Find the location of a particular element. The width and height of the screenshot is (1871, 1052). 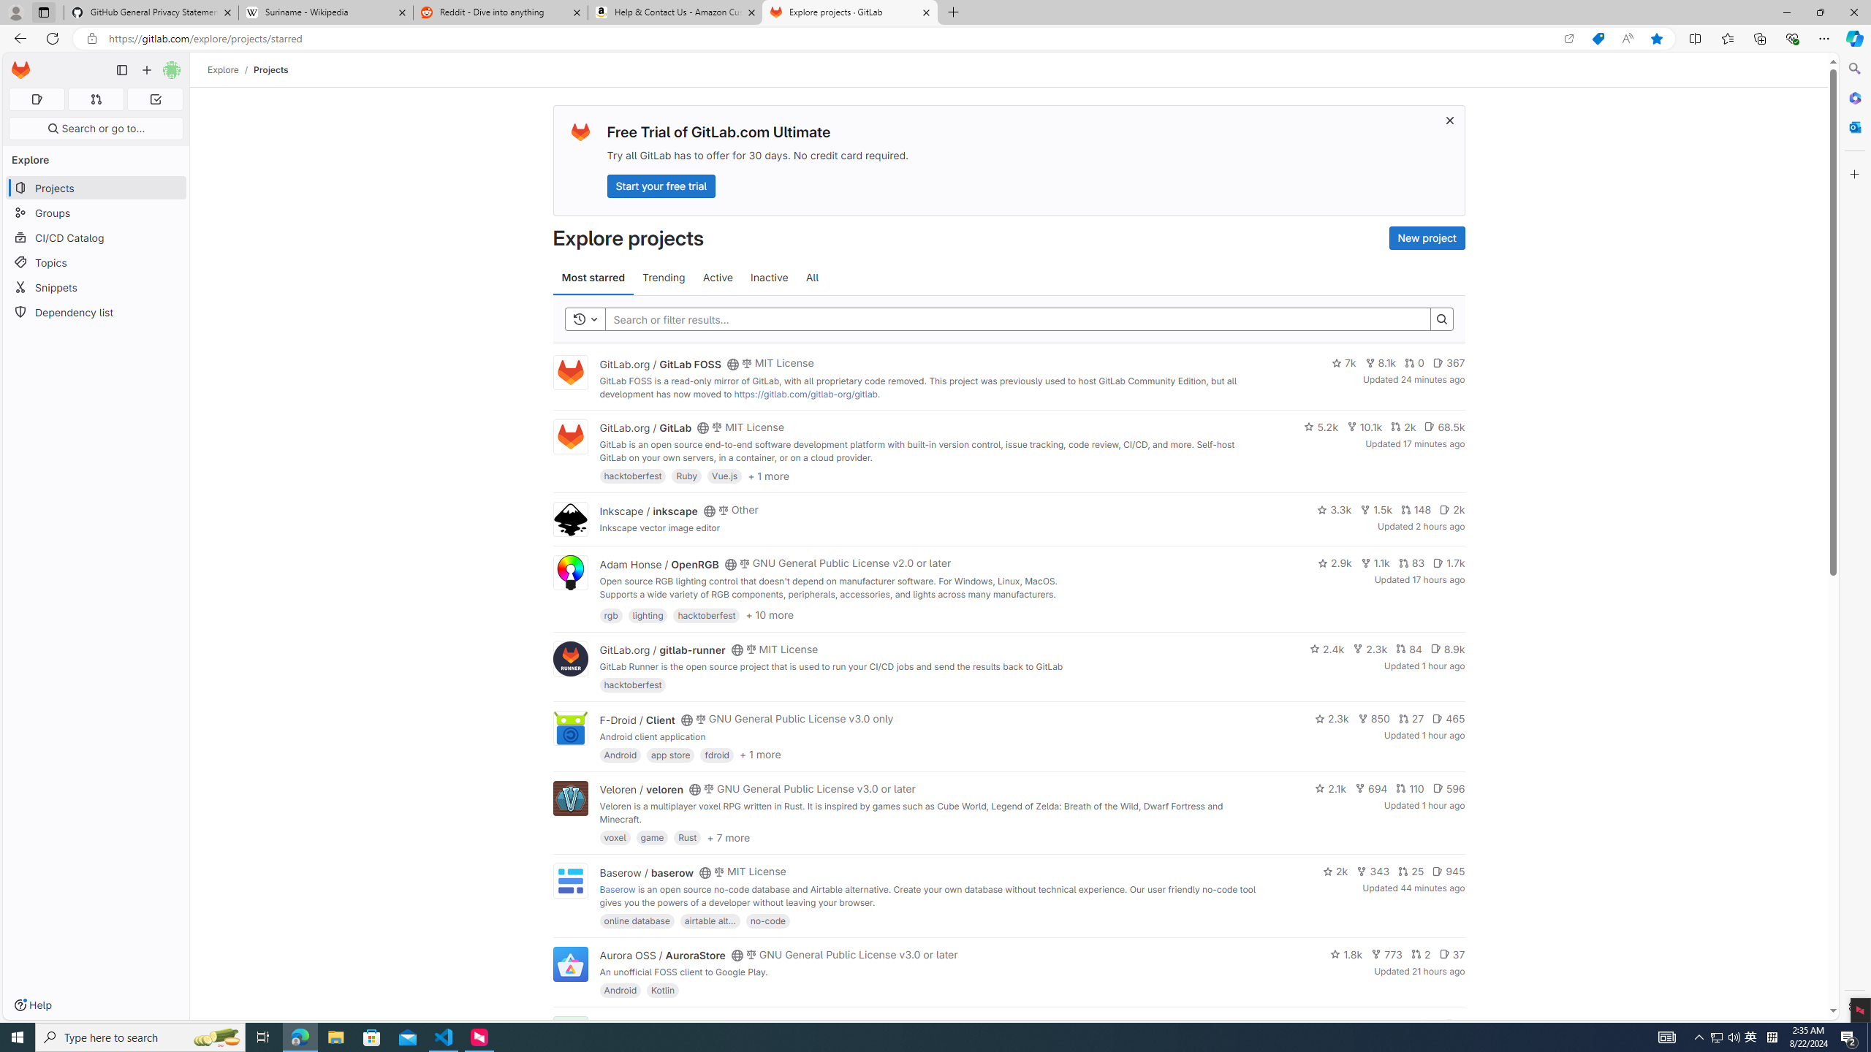

'Snippets' is located at coordinates (95, 286).